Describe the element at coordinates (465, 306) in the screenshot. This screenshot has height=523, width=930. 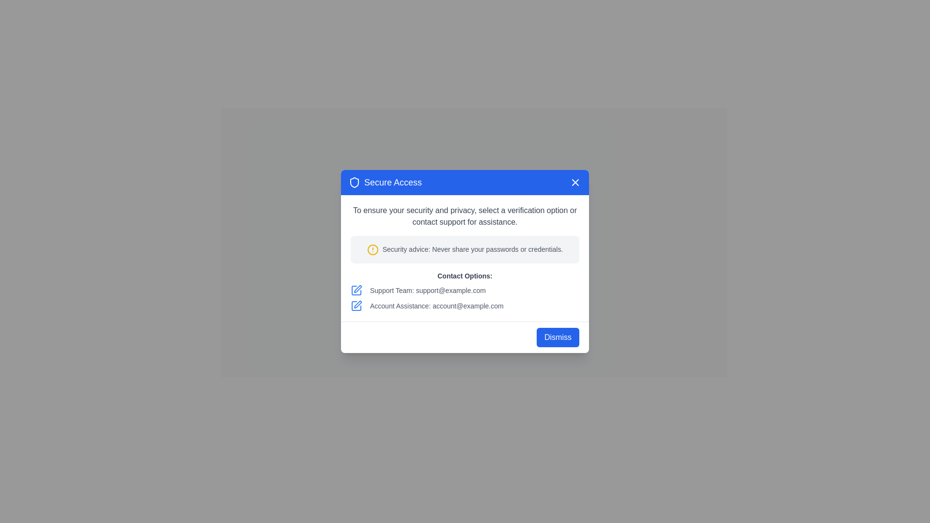
I see `email address from the Label with text and icon that provides contact details for account assistance, located as the second contact option within the 'Contact Options:' section` at that location.